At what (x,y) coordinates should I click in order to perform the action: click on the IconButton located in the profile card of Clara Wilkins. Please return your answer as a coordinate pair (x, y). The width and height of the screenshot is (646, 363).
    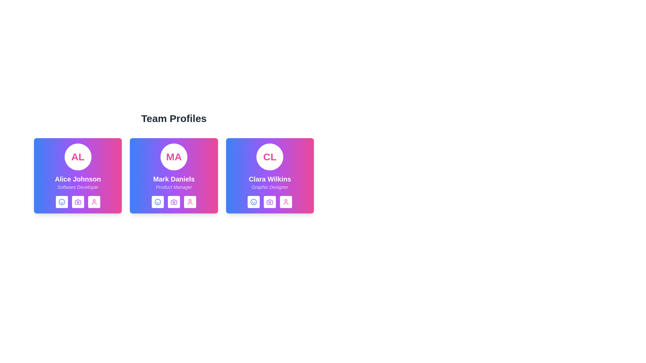
    Looking at the image, I should click on (270, 202).